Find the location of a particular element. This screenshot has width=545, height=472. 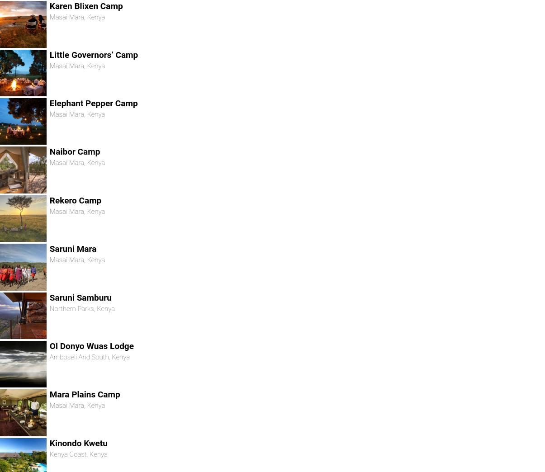

'Kenya Coast, Kenya' is located at coordinates (78, 454).